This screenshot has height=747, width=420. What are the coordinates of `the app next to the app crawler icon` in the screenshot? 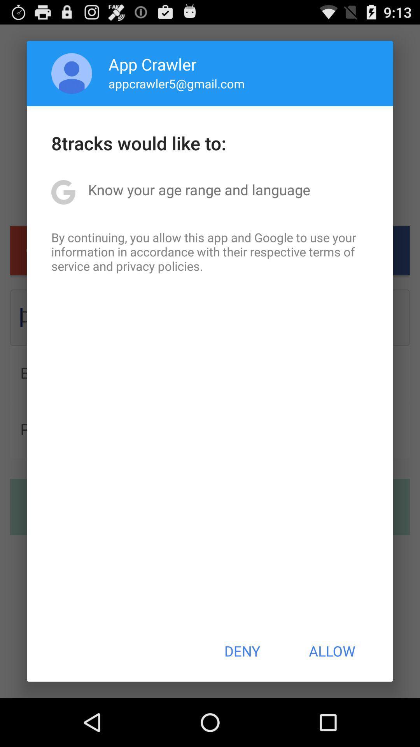 It's located at (72, 73).